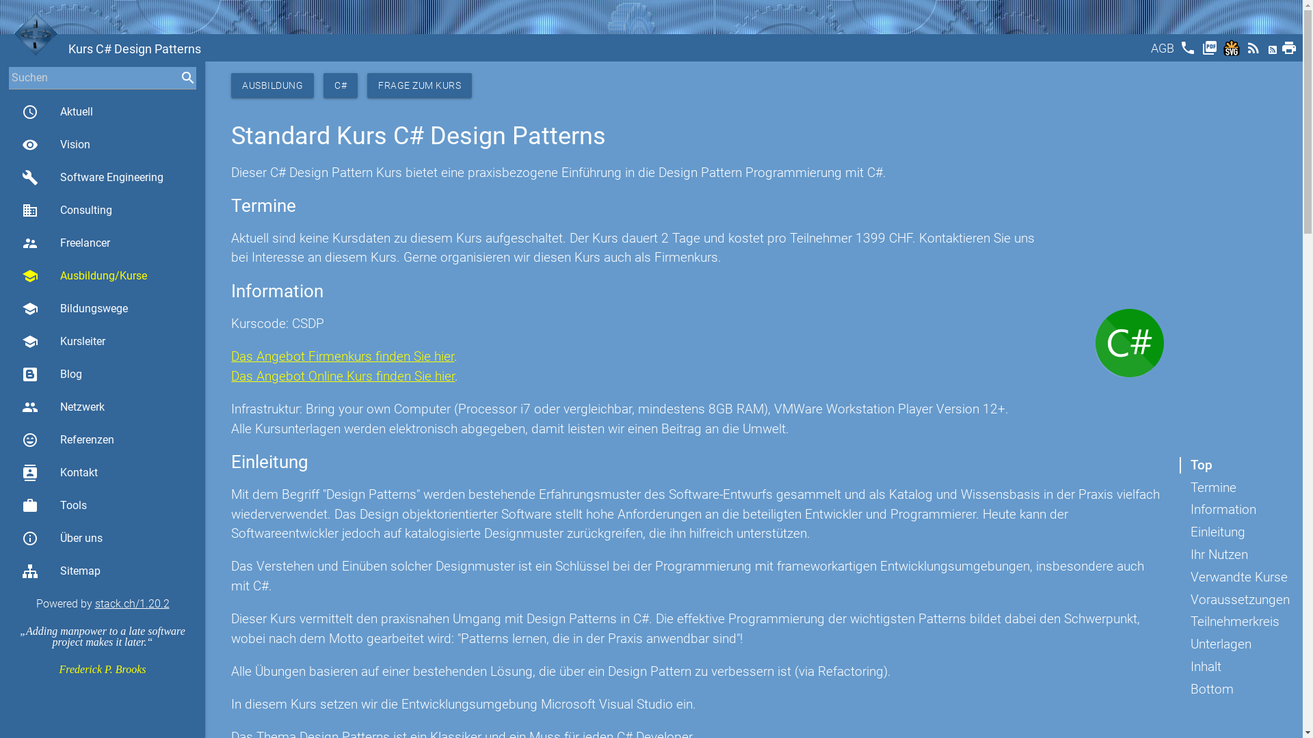 The image size is (1313, 738). I want to click on 'school, so click(101, 276).